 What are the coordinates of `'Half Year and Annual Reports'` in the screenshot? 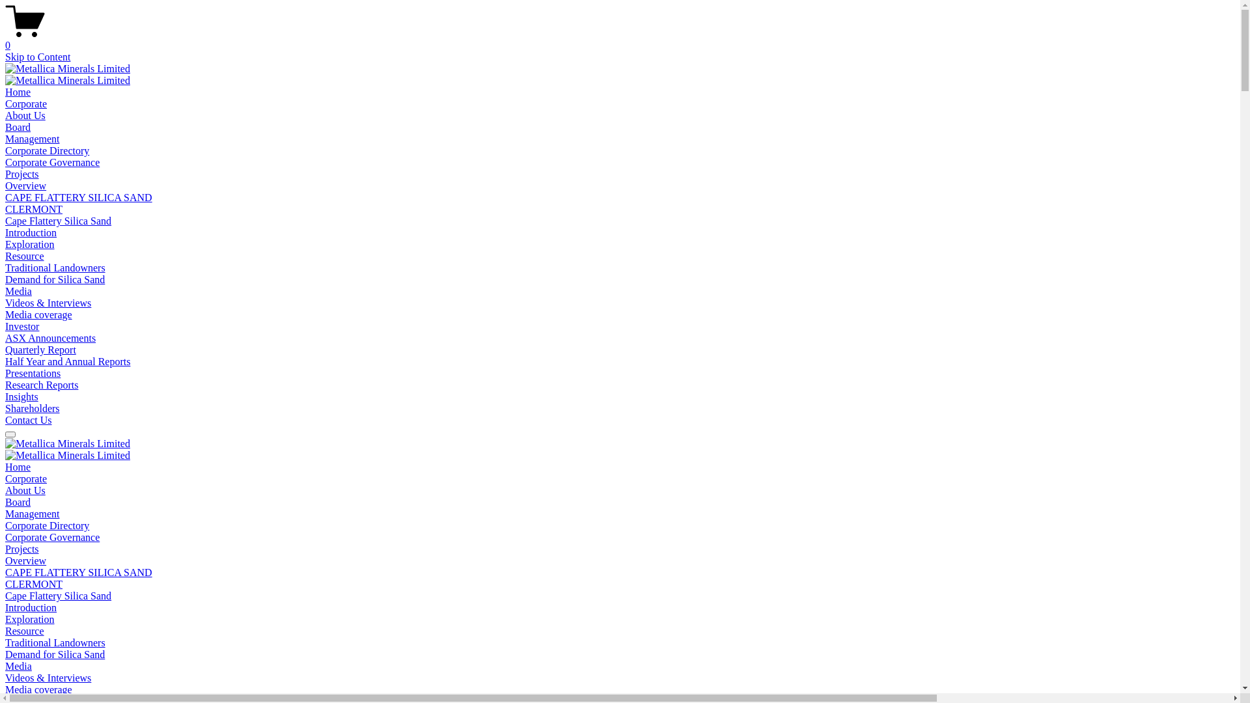 It's located at (67, 361).